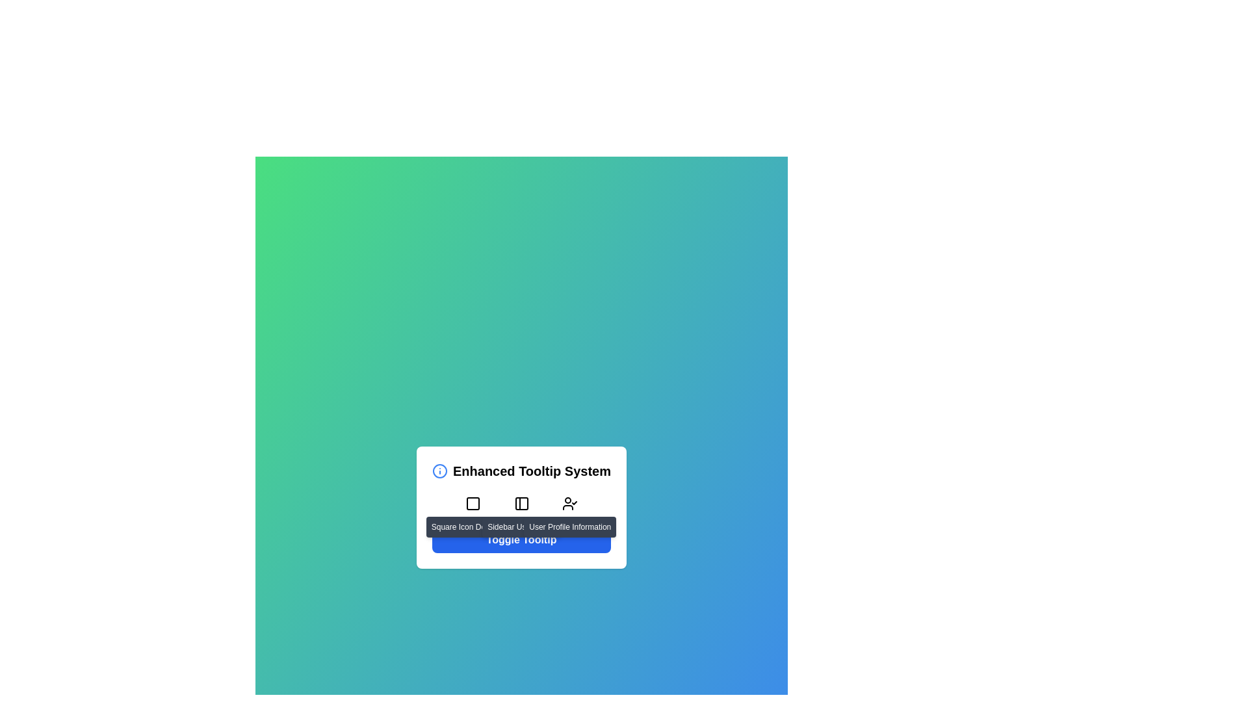 This screenshot has width=1248, height=702. Describe the element at coordinates (521, 503) in the screenshot. I see `the Icon Button related to 'Sidebar Usage Tips'` at that location.